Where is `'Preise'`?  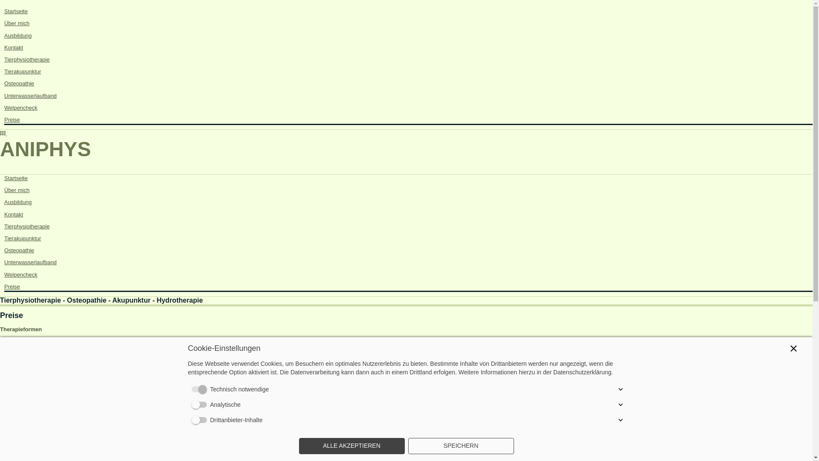 'Preise' is located at coordinates (12, 120).